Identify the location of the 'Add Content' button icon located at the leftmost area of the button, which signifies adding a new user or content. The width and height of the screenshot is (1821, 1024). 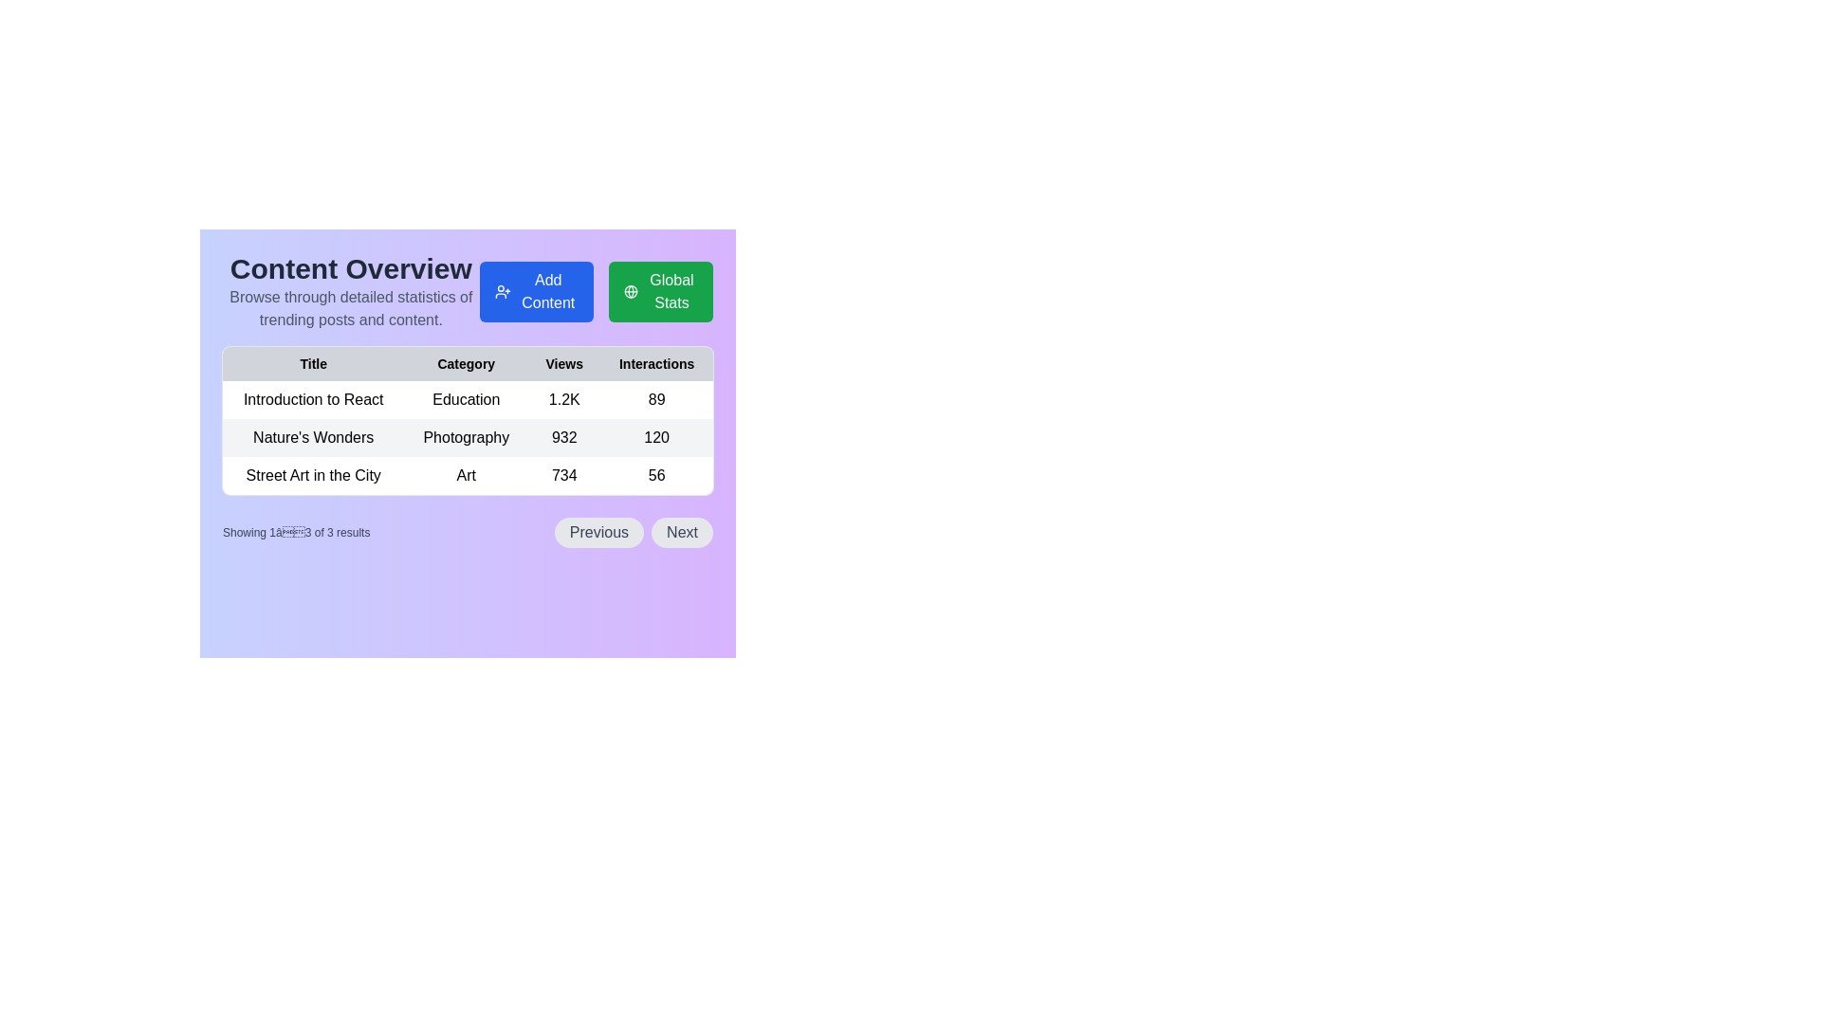
(503, 292).